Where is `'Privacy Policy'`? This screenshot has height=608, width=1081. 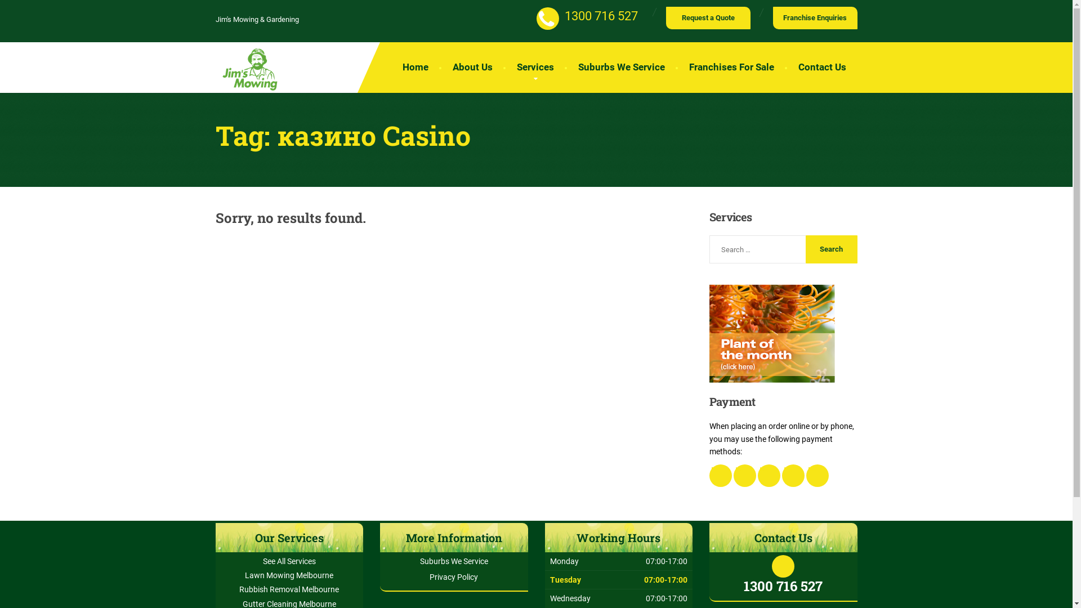
'Privacy Policy' is located at coordinates (454, 577).